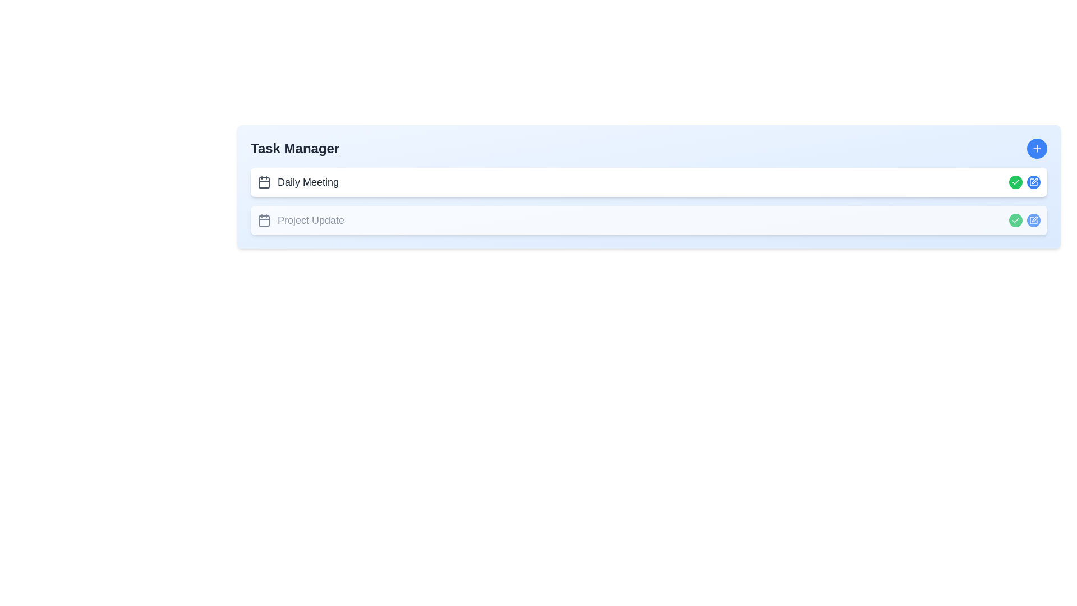  Describe the element at coordinates (263, 182) in the screenshot. I see `the calendar icon component displayed next to the 'Daily Meeting' label in the 'Task Manager' interface` at that location.